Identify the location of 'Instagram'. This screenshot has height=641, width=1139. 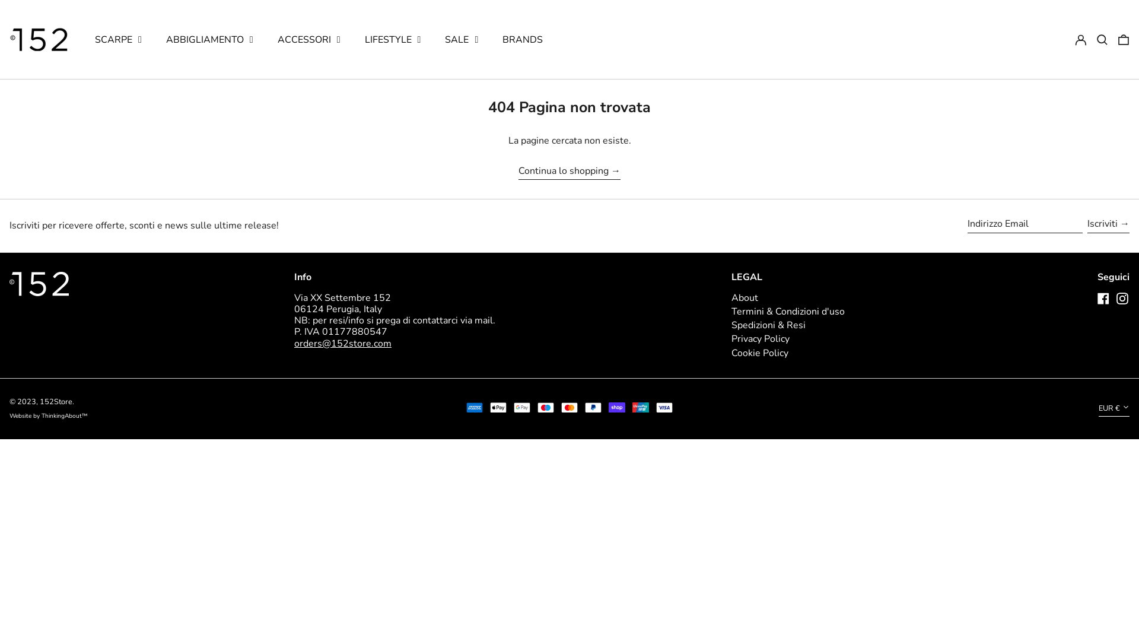
(1121, 301).